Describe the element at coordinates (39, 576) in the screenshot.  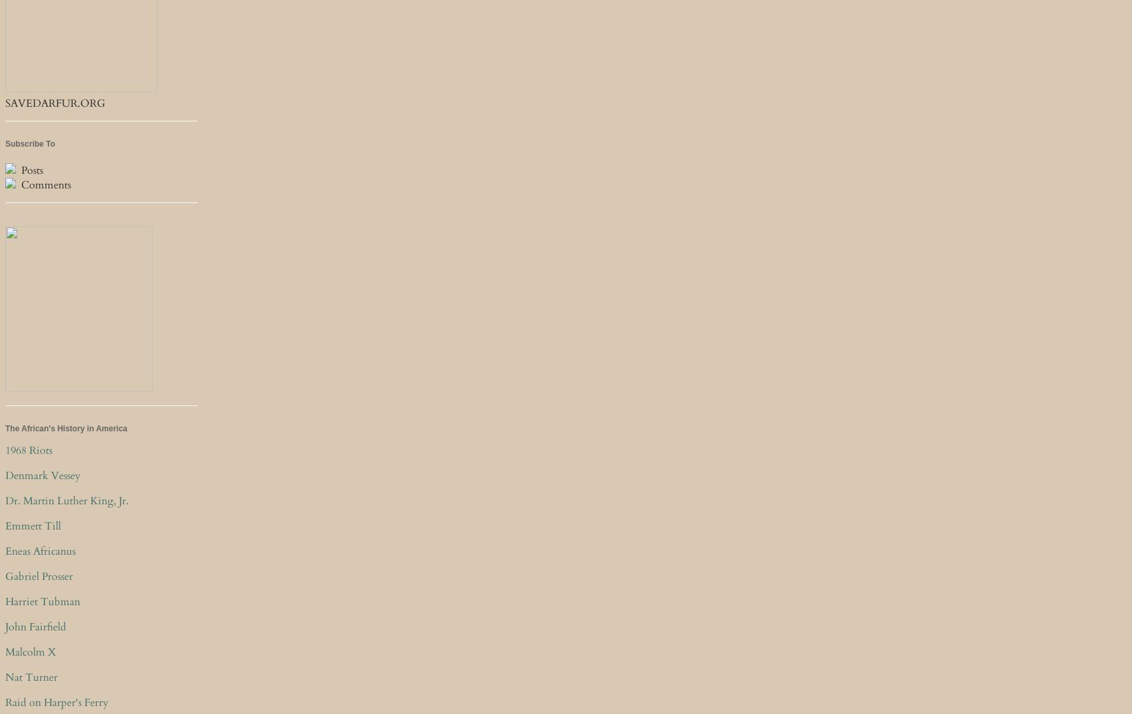
I see `'Gabriel Prosser'` at that location.